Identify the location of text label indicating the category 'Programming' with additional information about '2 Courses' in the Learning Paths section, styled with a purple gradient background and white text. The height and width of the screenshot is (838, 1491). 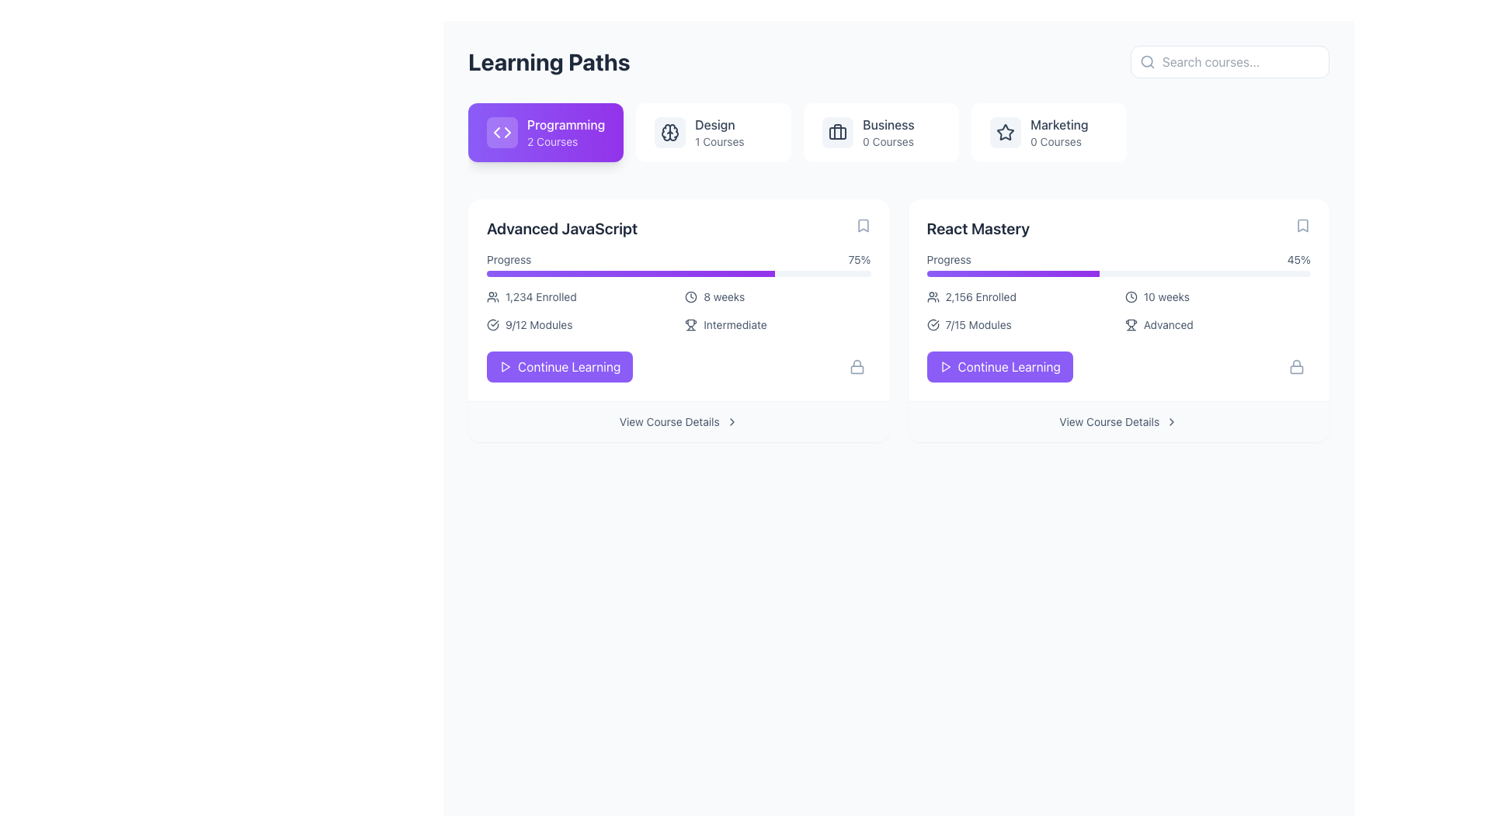
(565, 131).